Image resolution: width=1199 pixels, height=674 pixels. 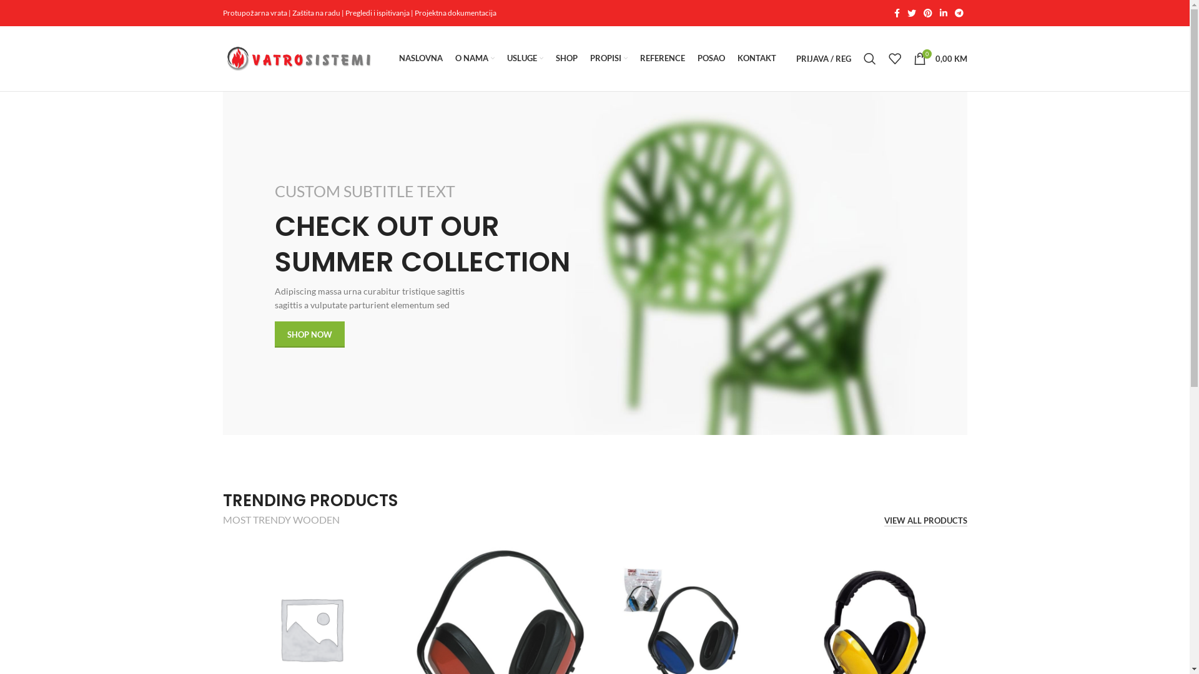 I want to click on 'PROPISI', so click(x=589, y=58).